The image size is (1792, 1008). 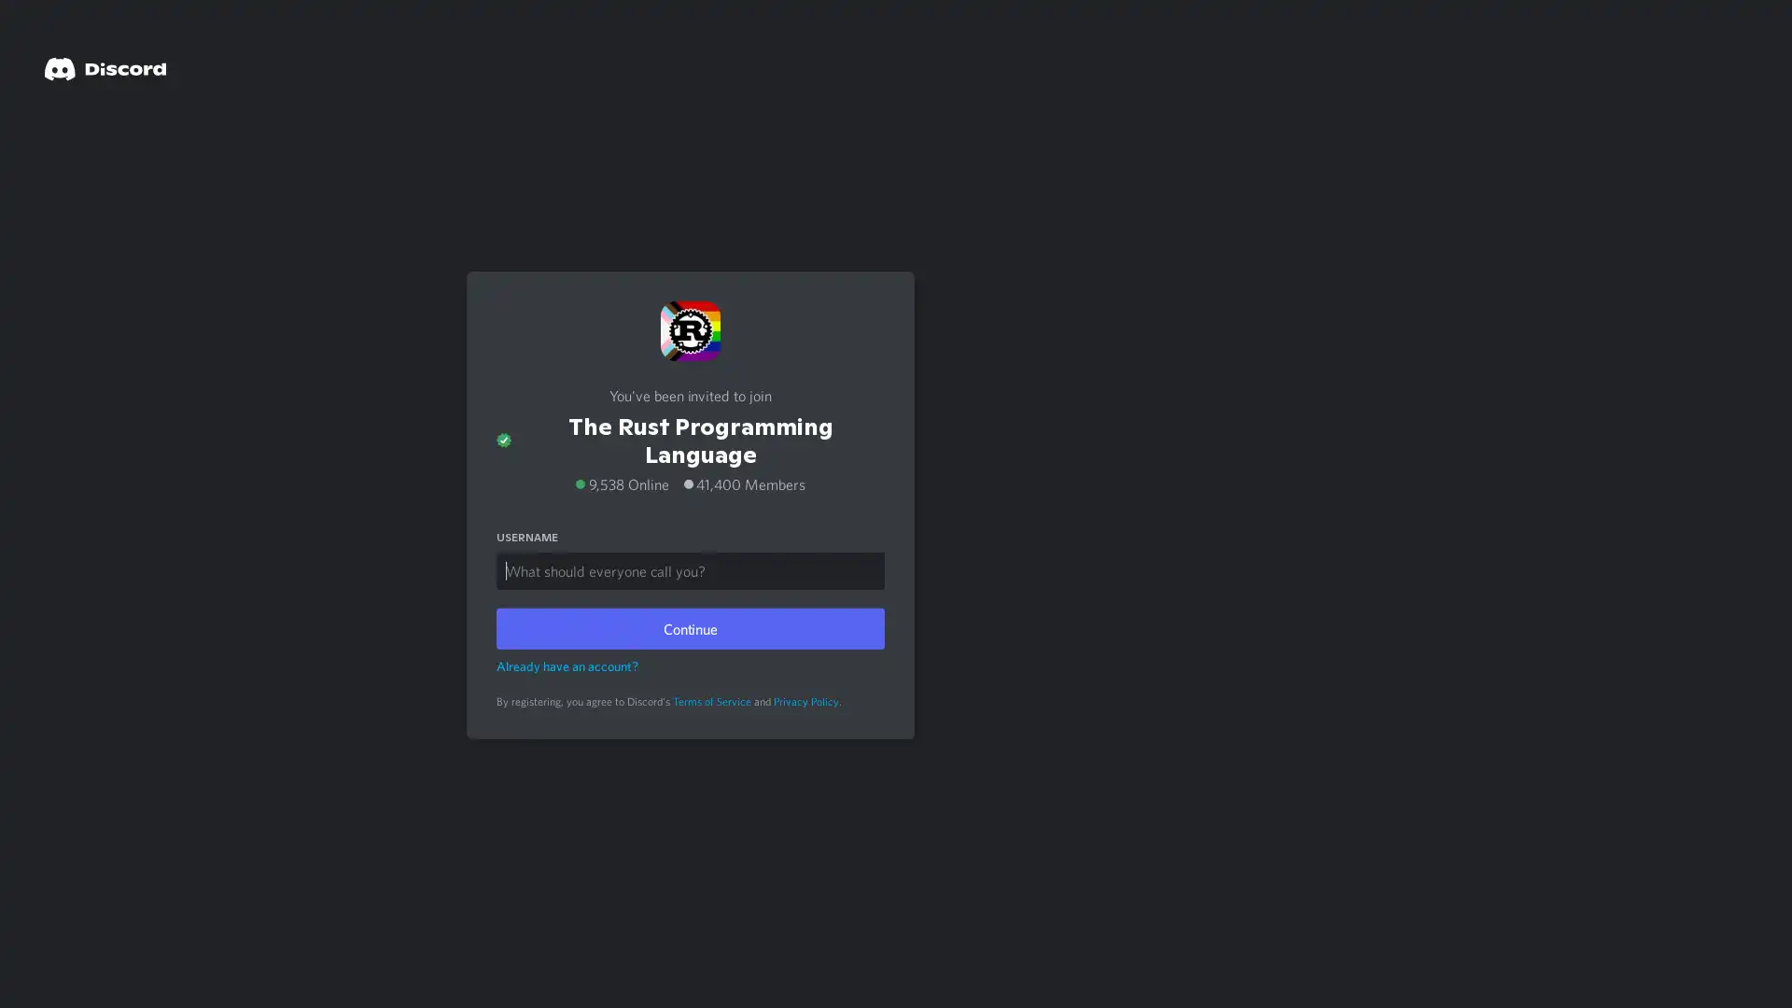 What do you see at coordinates (567, 664) in the screenshot?
I see `Already have an account?` at bounding box center [567, 664].